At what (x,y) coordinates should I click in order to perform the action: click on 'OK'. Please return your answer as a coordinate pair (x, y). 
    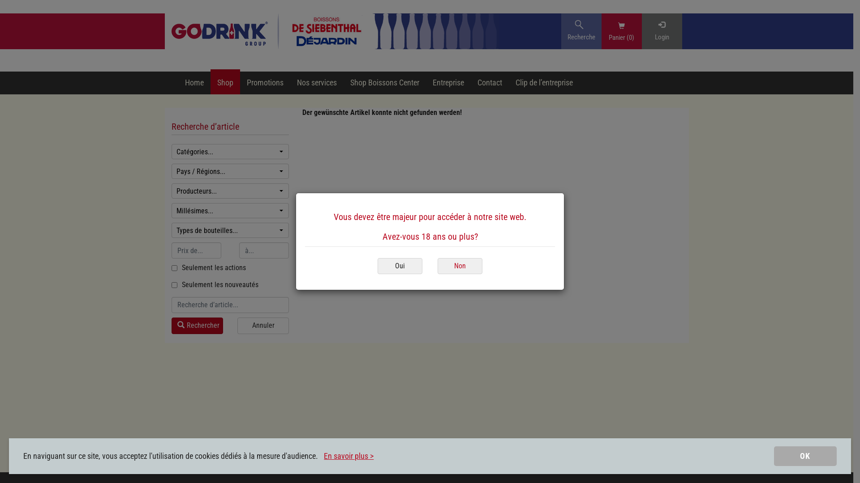
    Looking at the image, I should click on (805, 456).